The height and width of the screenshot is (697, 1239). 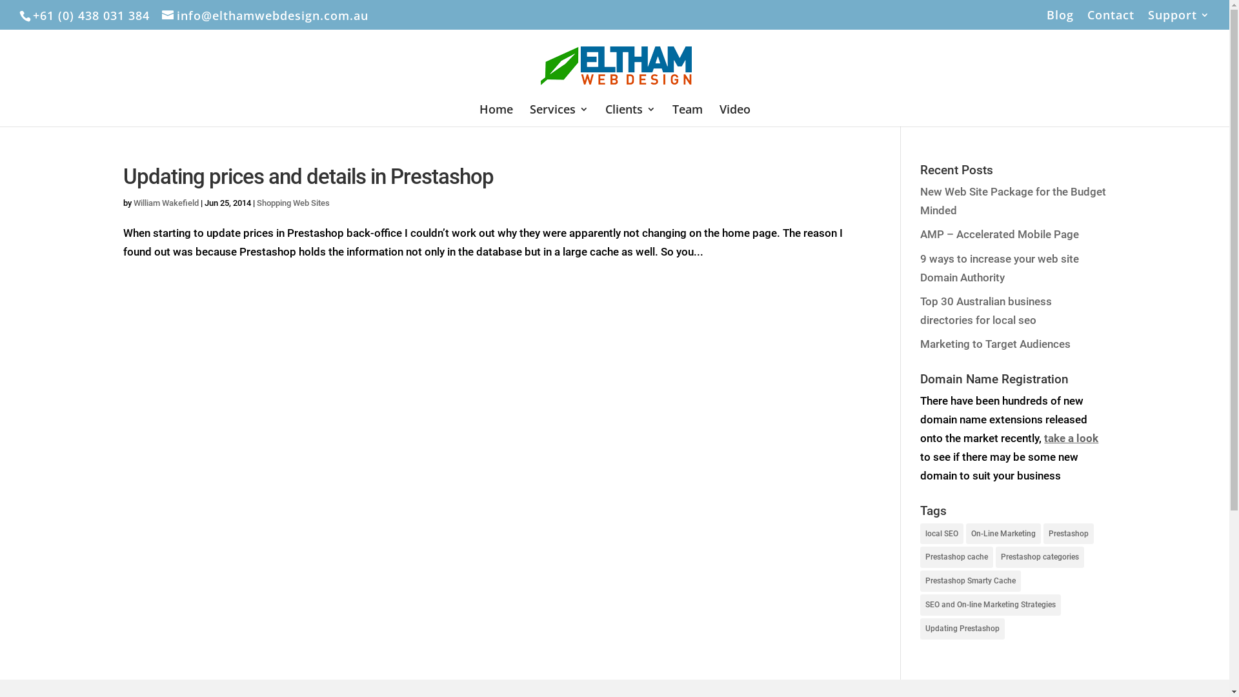 I want to click on 'SEO and On-line Marketing Strategies', so click(x=990, y=605).